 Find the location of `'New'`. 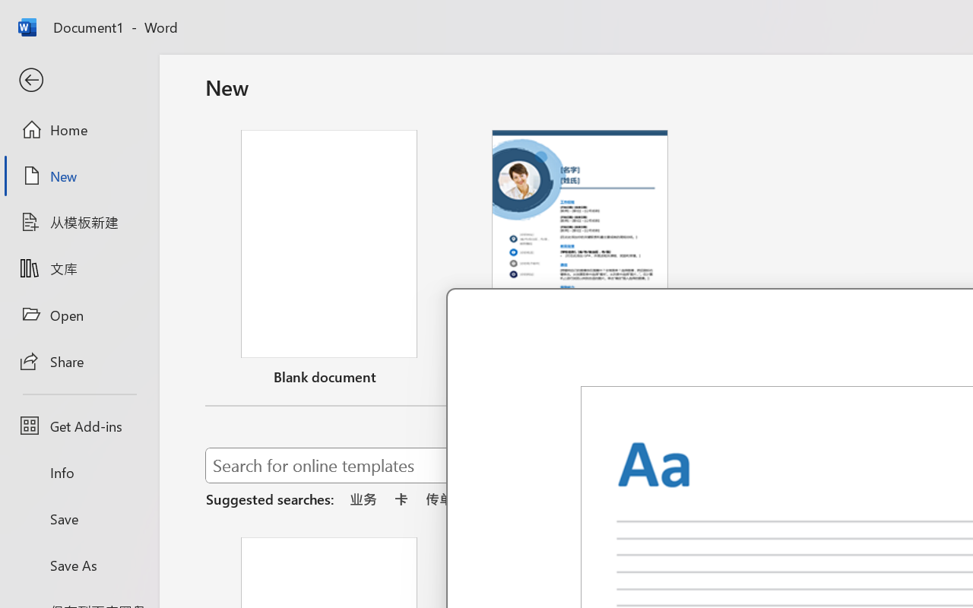

'New' is located at coordinates (78, 176).